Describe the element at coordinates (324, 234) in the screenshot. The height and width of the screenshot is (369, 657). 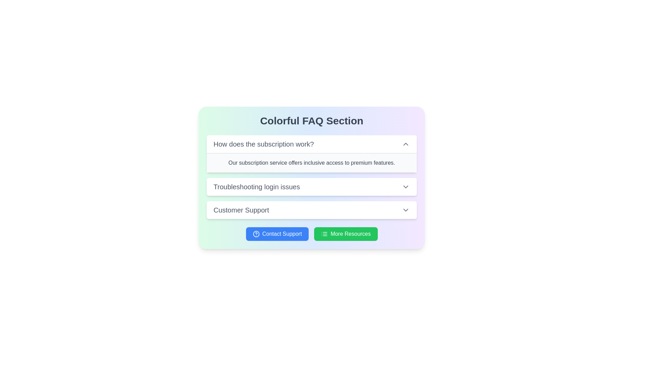
I see `the compact rectangular SVG icon with three horizontal lines and three small dots, located within the green rounded rectangle button labeled 'More Resources.'` at that location.